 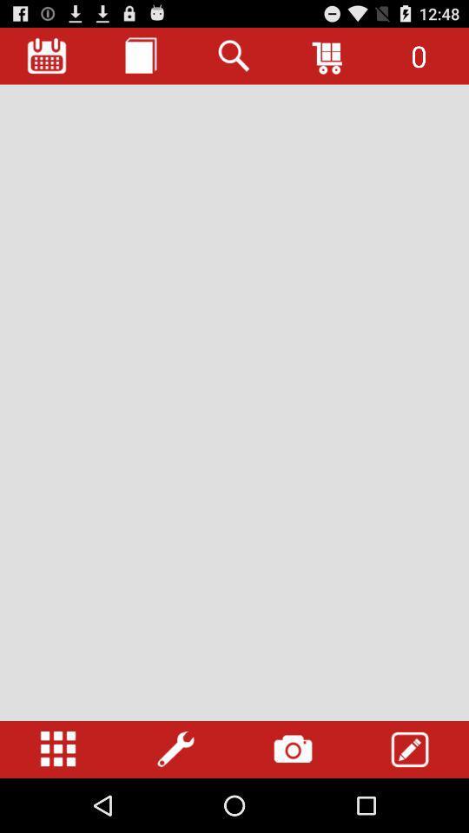 I want to click on write, so click(x=410, y=749).